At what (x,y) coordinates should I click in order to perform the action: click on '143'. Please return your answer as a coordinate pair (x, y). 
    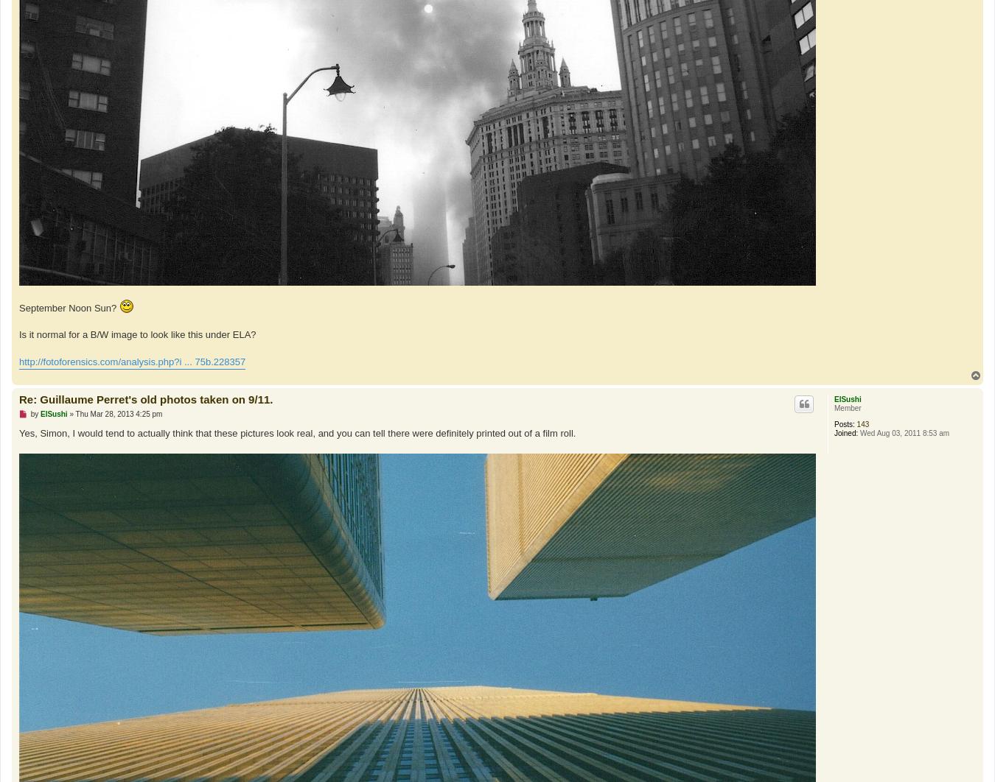
    Looking at the image, I should click on (862, 423).